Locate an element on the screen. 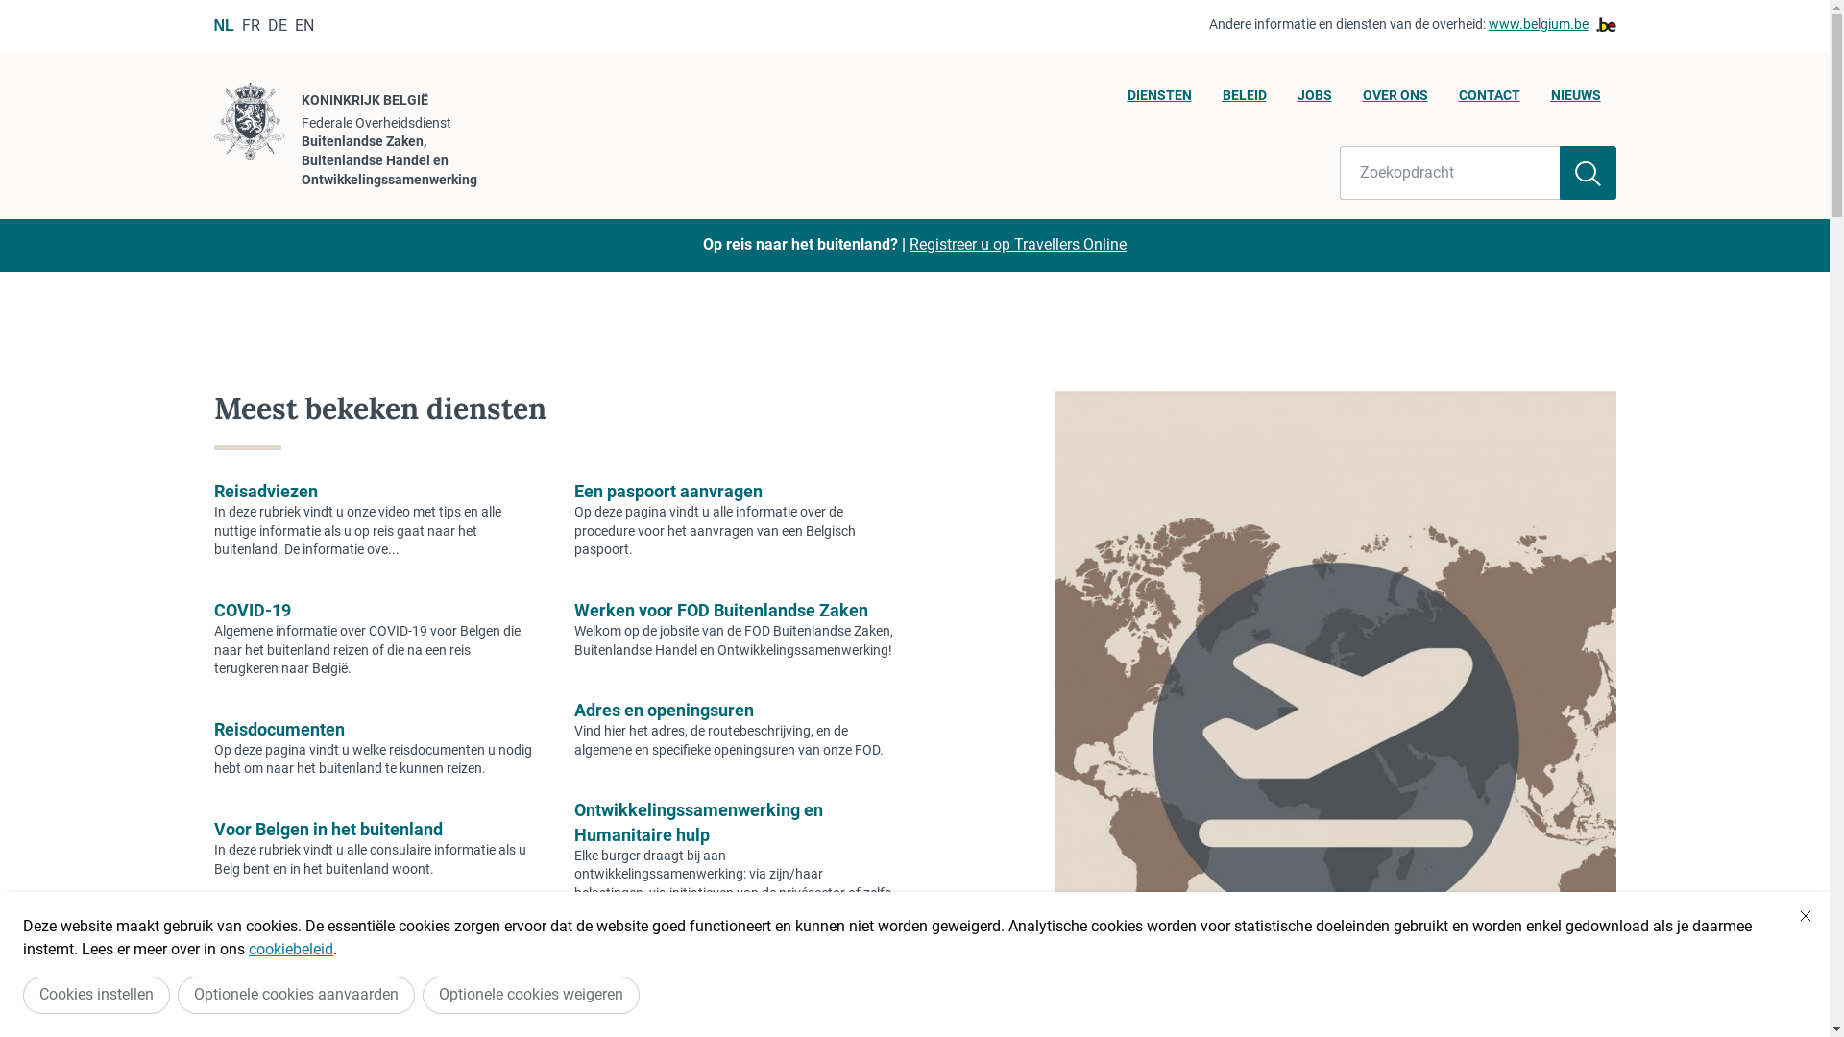 This screenshot has height=1037, width=1844. 'Zoekopdracht' is located at coordinates (1340, 173).